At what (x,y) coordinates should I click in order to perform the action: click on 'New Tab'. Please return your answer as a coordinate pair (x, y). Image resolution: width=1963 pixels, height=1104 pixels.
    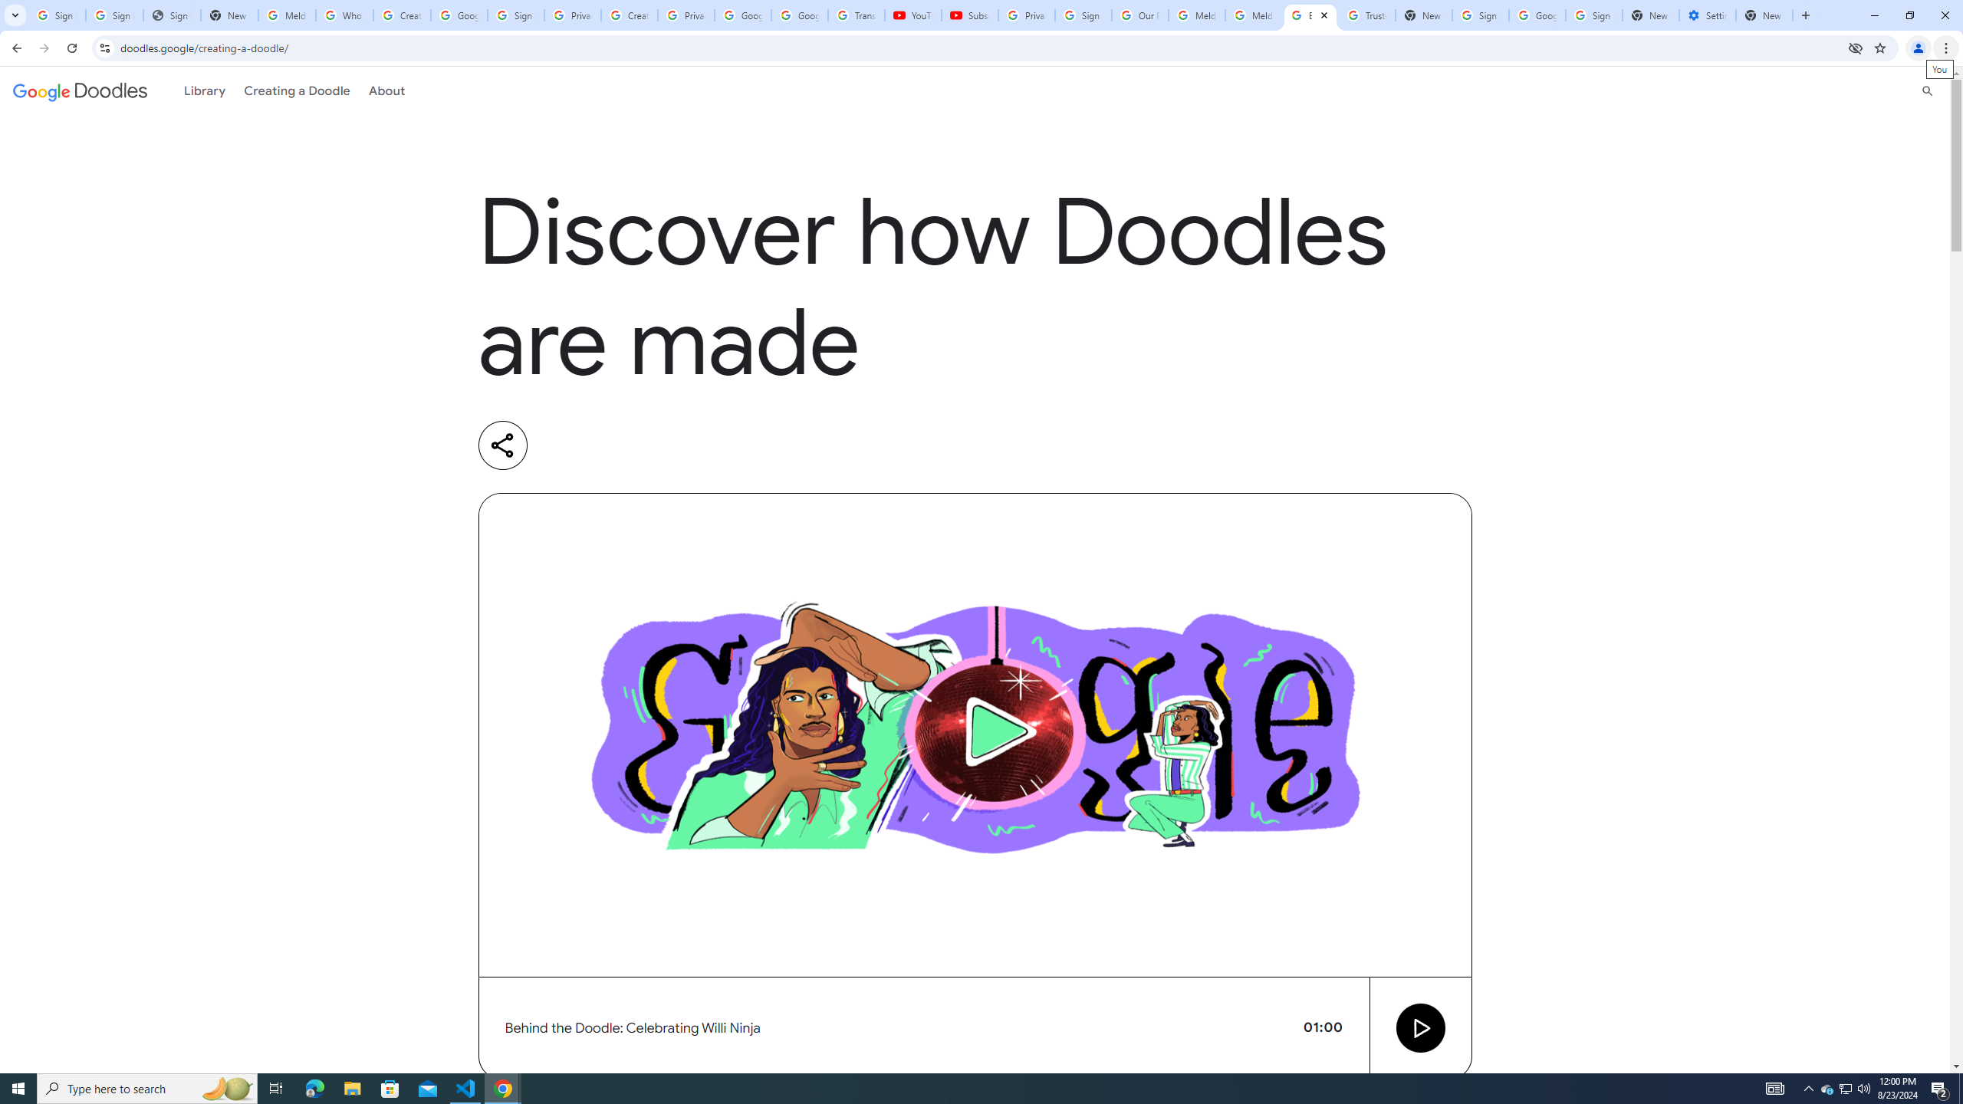
    Looking at the image, I should click on (1764, 15).